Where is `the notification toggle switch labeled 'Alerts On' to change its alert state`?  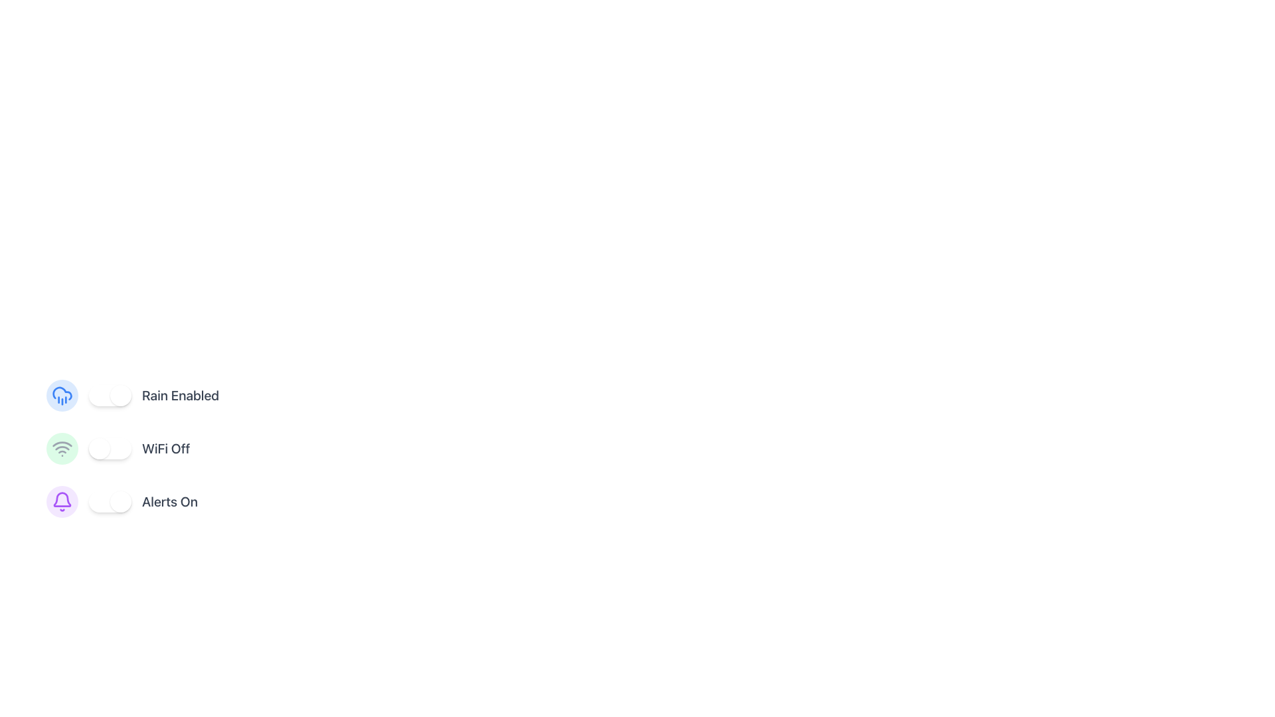 the notification toggle switch labeled 'Alerts On' to change its alert state is located at coordinates (122, 502).